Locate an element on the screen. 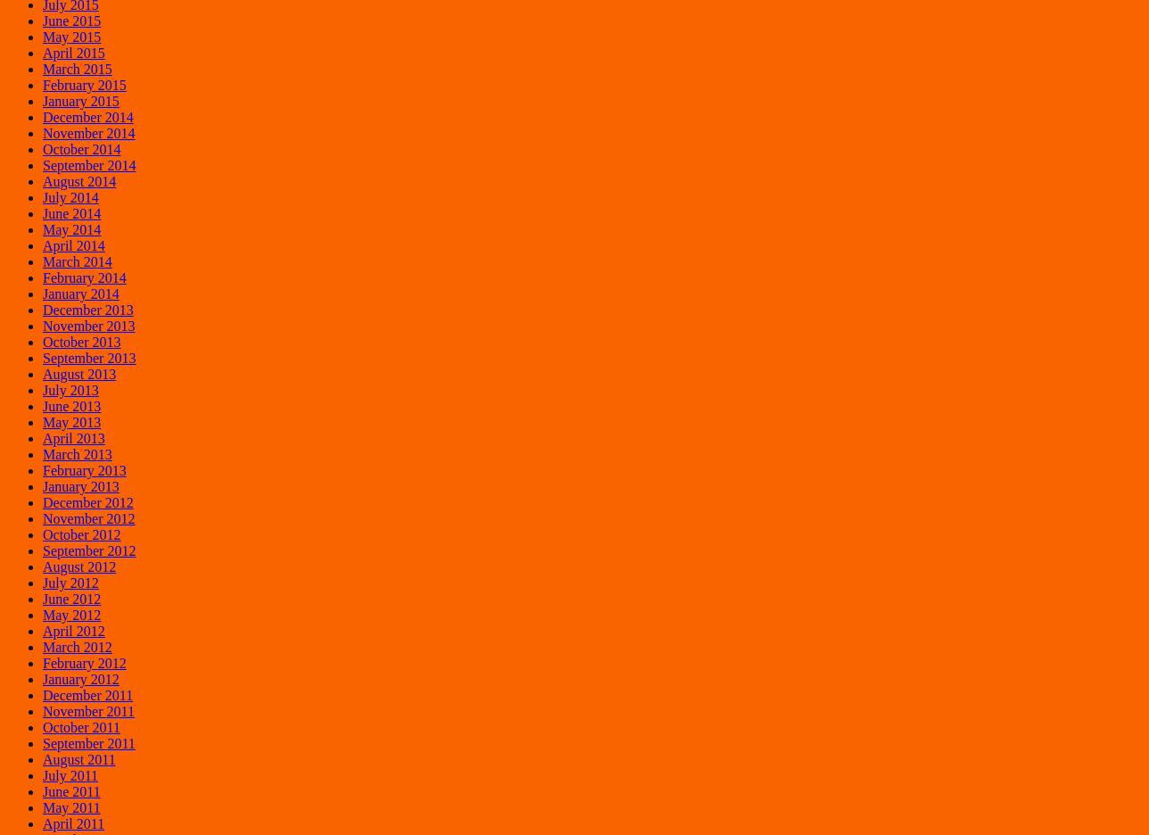 The image size is (1149, 835). 'May 2011' is located at coordinates (70, 806).